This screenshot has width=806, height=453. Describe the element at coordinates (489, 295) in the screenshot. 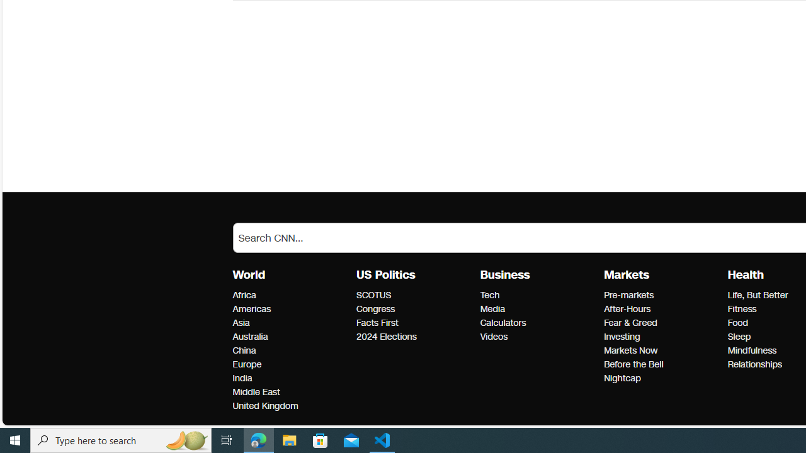

I see `'Business Tech'` at that location.